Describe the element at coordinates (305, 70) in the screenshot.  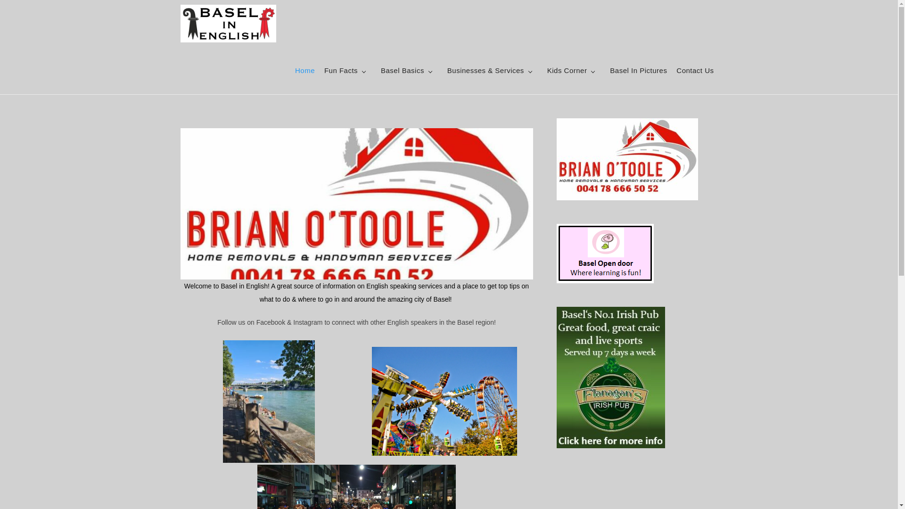
I see `'Home'` at that location.